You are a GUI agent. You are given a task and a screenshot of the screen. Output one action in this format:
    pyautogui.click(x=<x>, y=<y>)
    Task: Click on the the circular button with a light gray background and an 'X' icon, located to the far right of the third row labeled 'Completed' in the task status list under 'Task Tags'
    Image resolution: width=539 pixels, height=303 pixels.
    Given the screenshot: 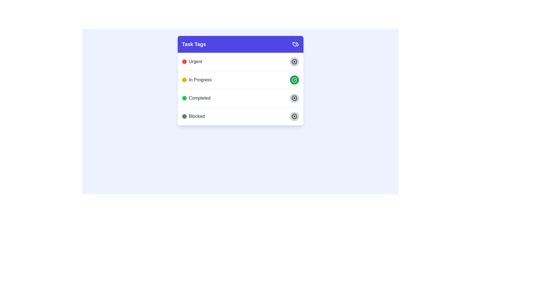 What is the action you would take?
    pyautogui.click(x=294, y=98)
    